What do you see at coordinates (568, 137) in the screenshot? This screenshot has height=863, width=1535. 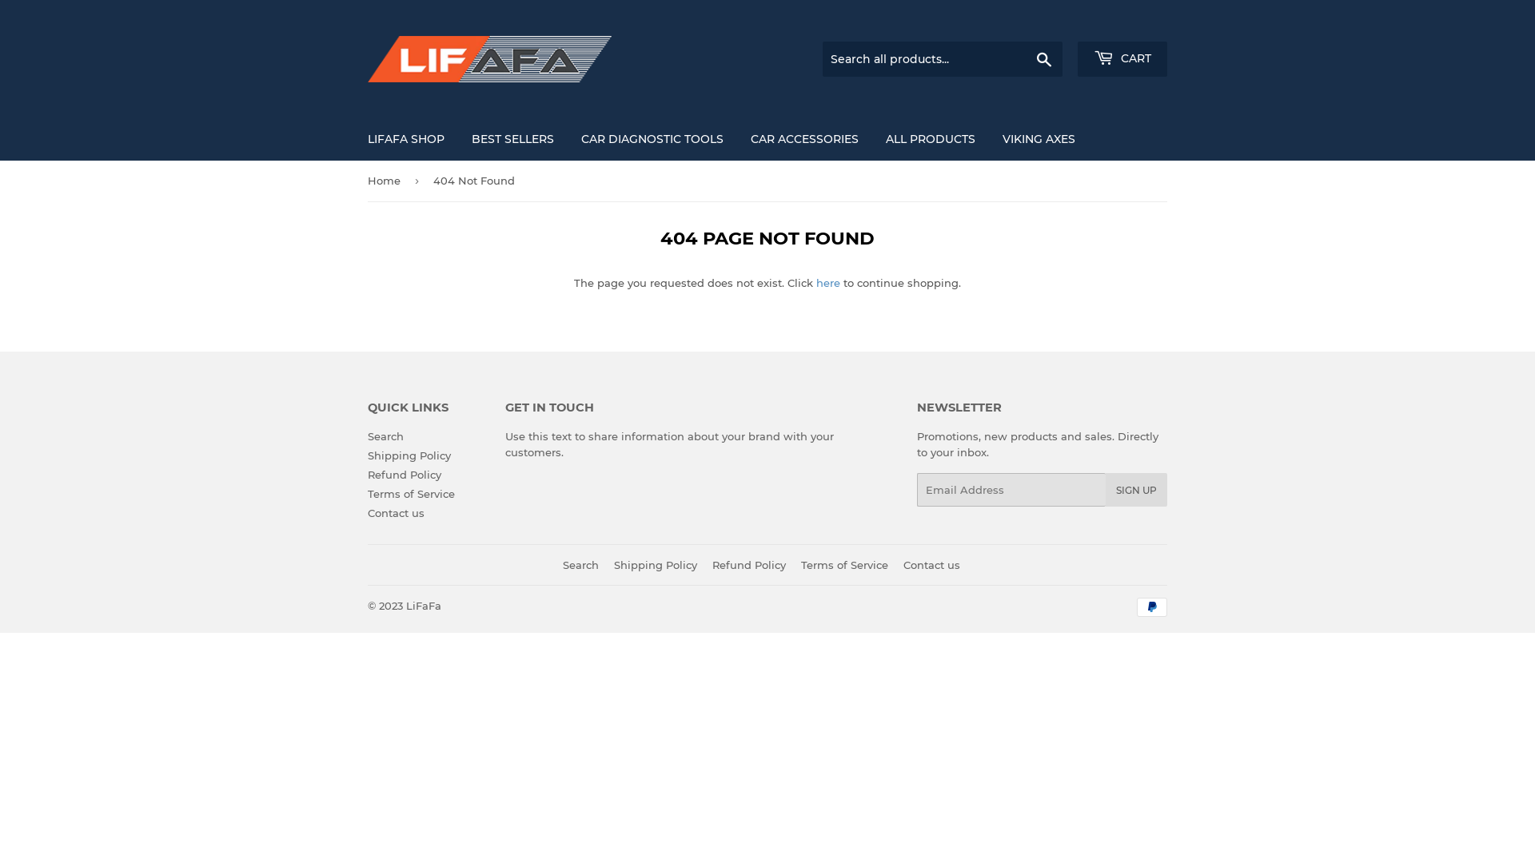 I see `'CAR DIAGNOSTIC TOOLS'` at bounding box center [568, 137].